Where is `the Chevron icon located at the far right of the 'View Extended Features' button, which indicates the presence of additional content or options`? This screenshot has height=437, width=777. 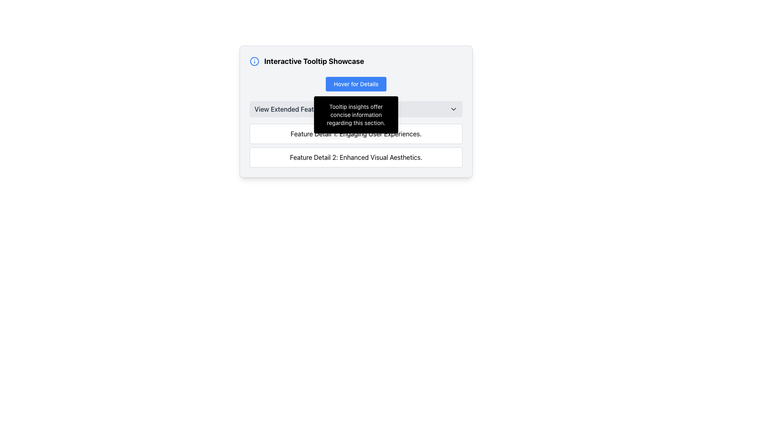
the Chevron icon located at the far right of the 'View Extended Features' button, which indicates the presence of additional content or options is located at coordinates (454, 109).